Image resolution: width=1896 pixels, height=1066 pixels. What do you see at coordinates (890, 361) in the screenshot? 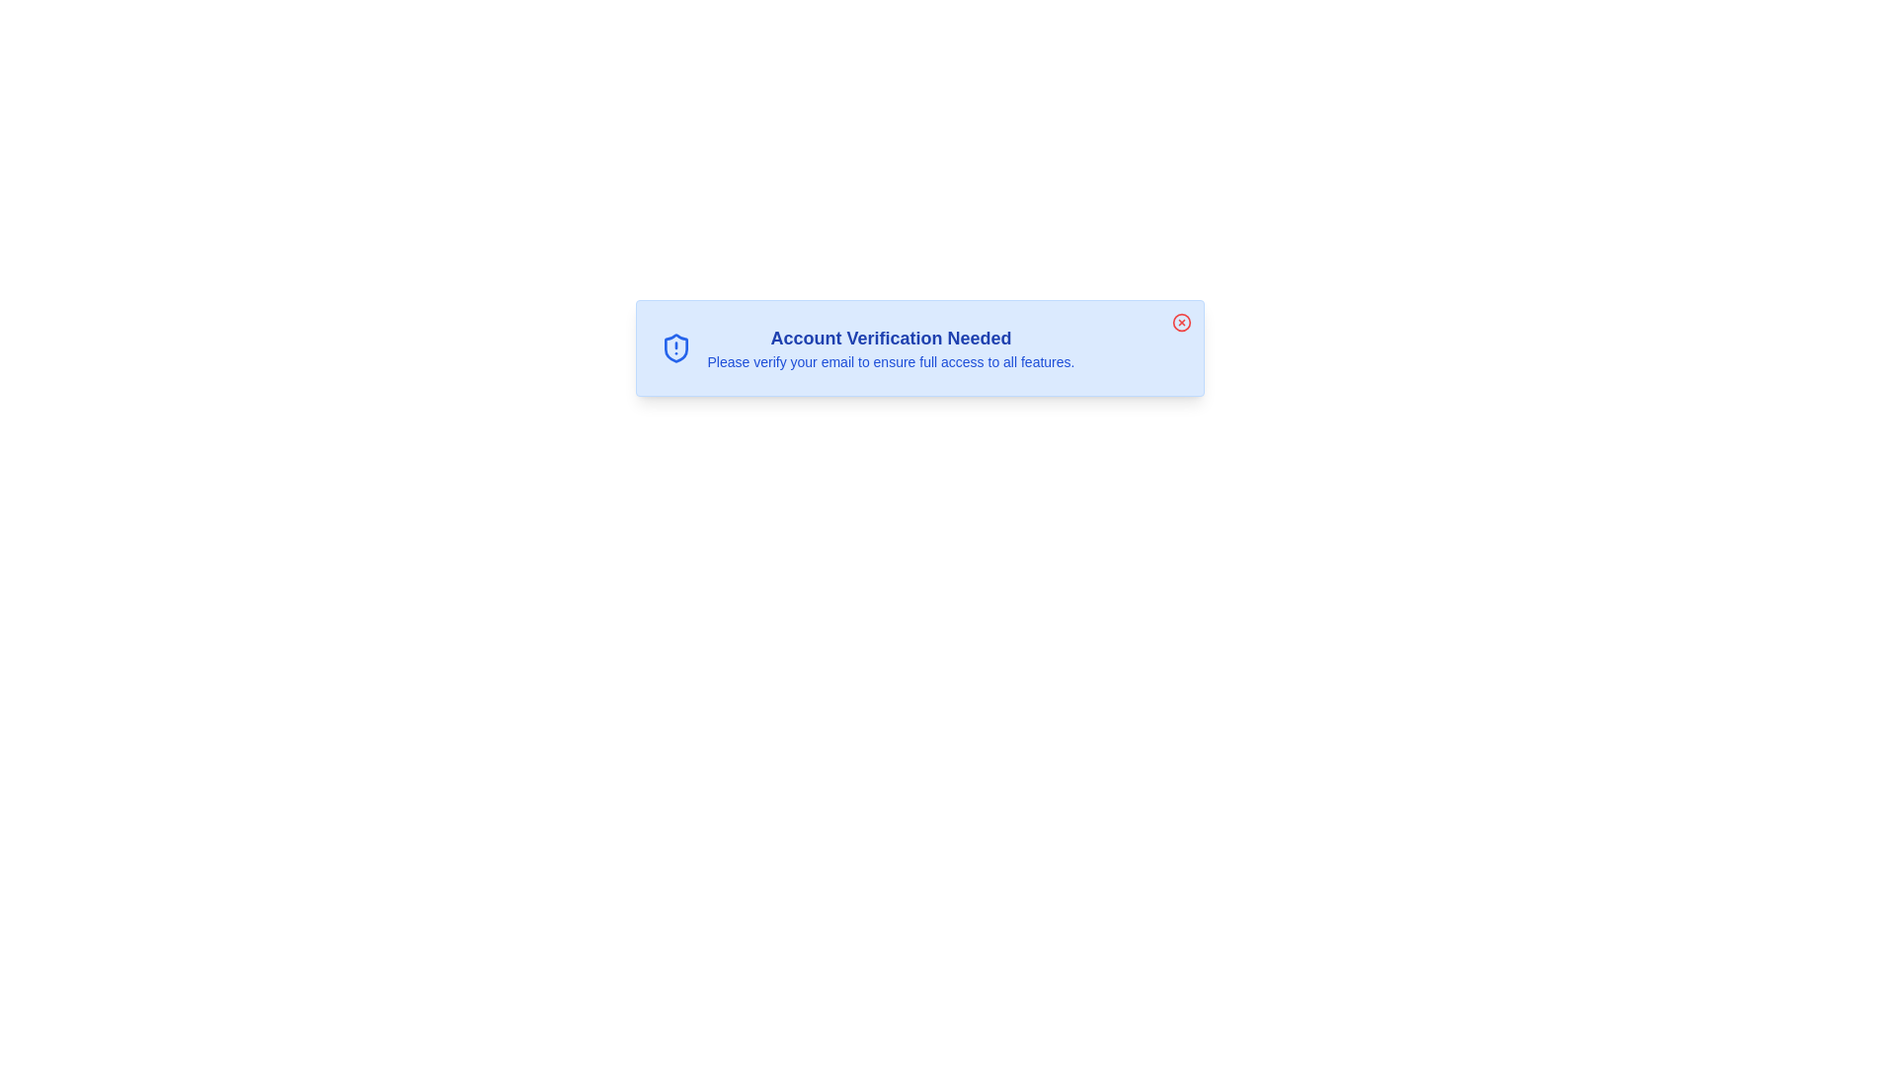
I see `text that says 'Please verify your email to ensure full access to all features.', which is styled in blue and located below the heading 'Account Verification Needed'` at bounding box center [890, 361].